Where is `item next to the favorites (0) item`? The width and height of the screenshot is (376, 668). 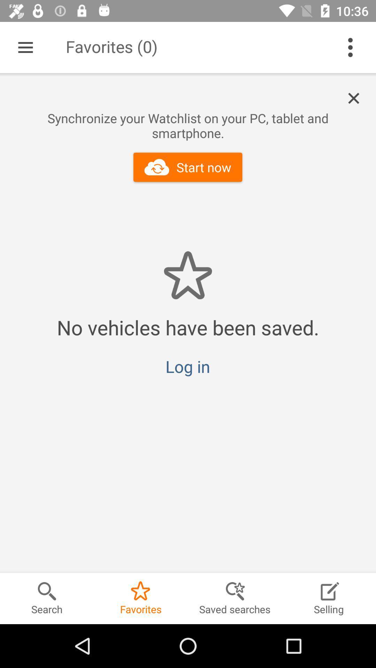
item next to the favorites (0) item is located at coordinates (350, 47).